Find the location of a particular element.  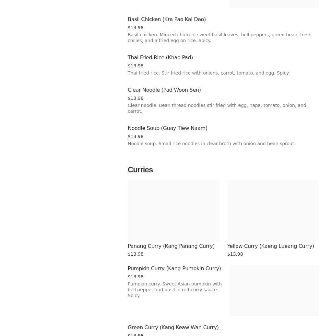

'Pumpkin Curry (Kang Pumpkin Curry)' is located at coordinates (174, 268).